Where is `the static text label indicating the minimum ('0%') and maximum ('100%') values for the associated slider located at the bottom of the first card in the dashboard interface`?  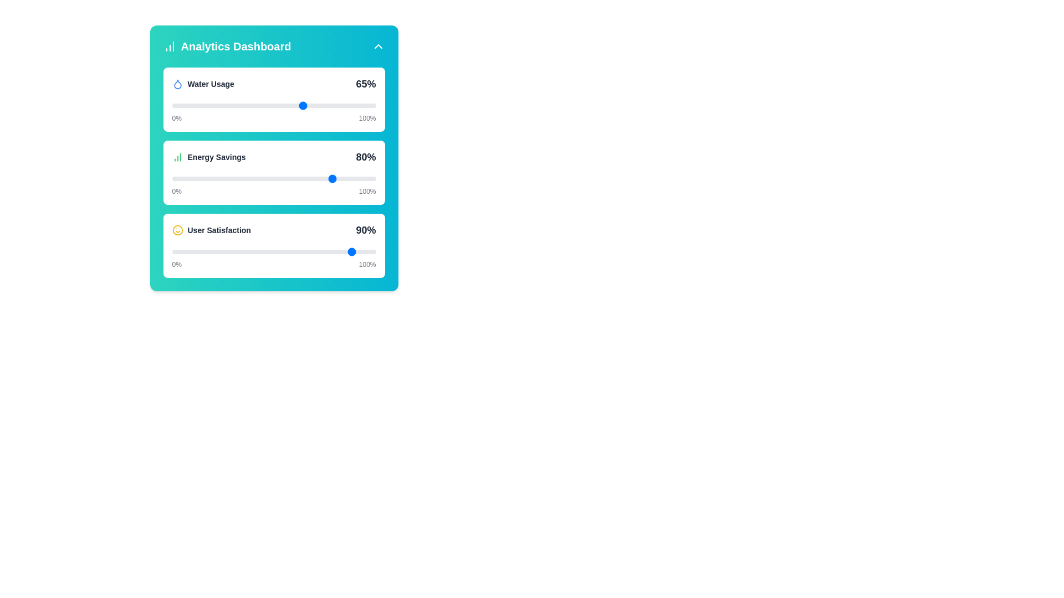
the static text label indicating the minimum ('0%') and maximum ('100%') values for the associated slider located at the bottom of the first card in the dashboard interface is located at coordinates (274, 118).